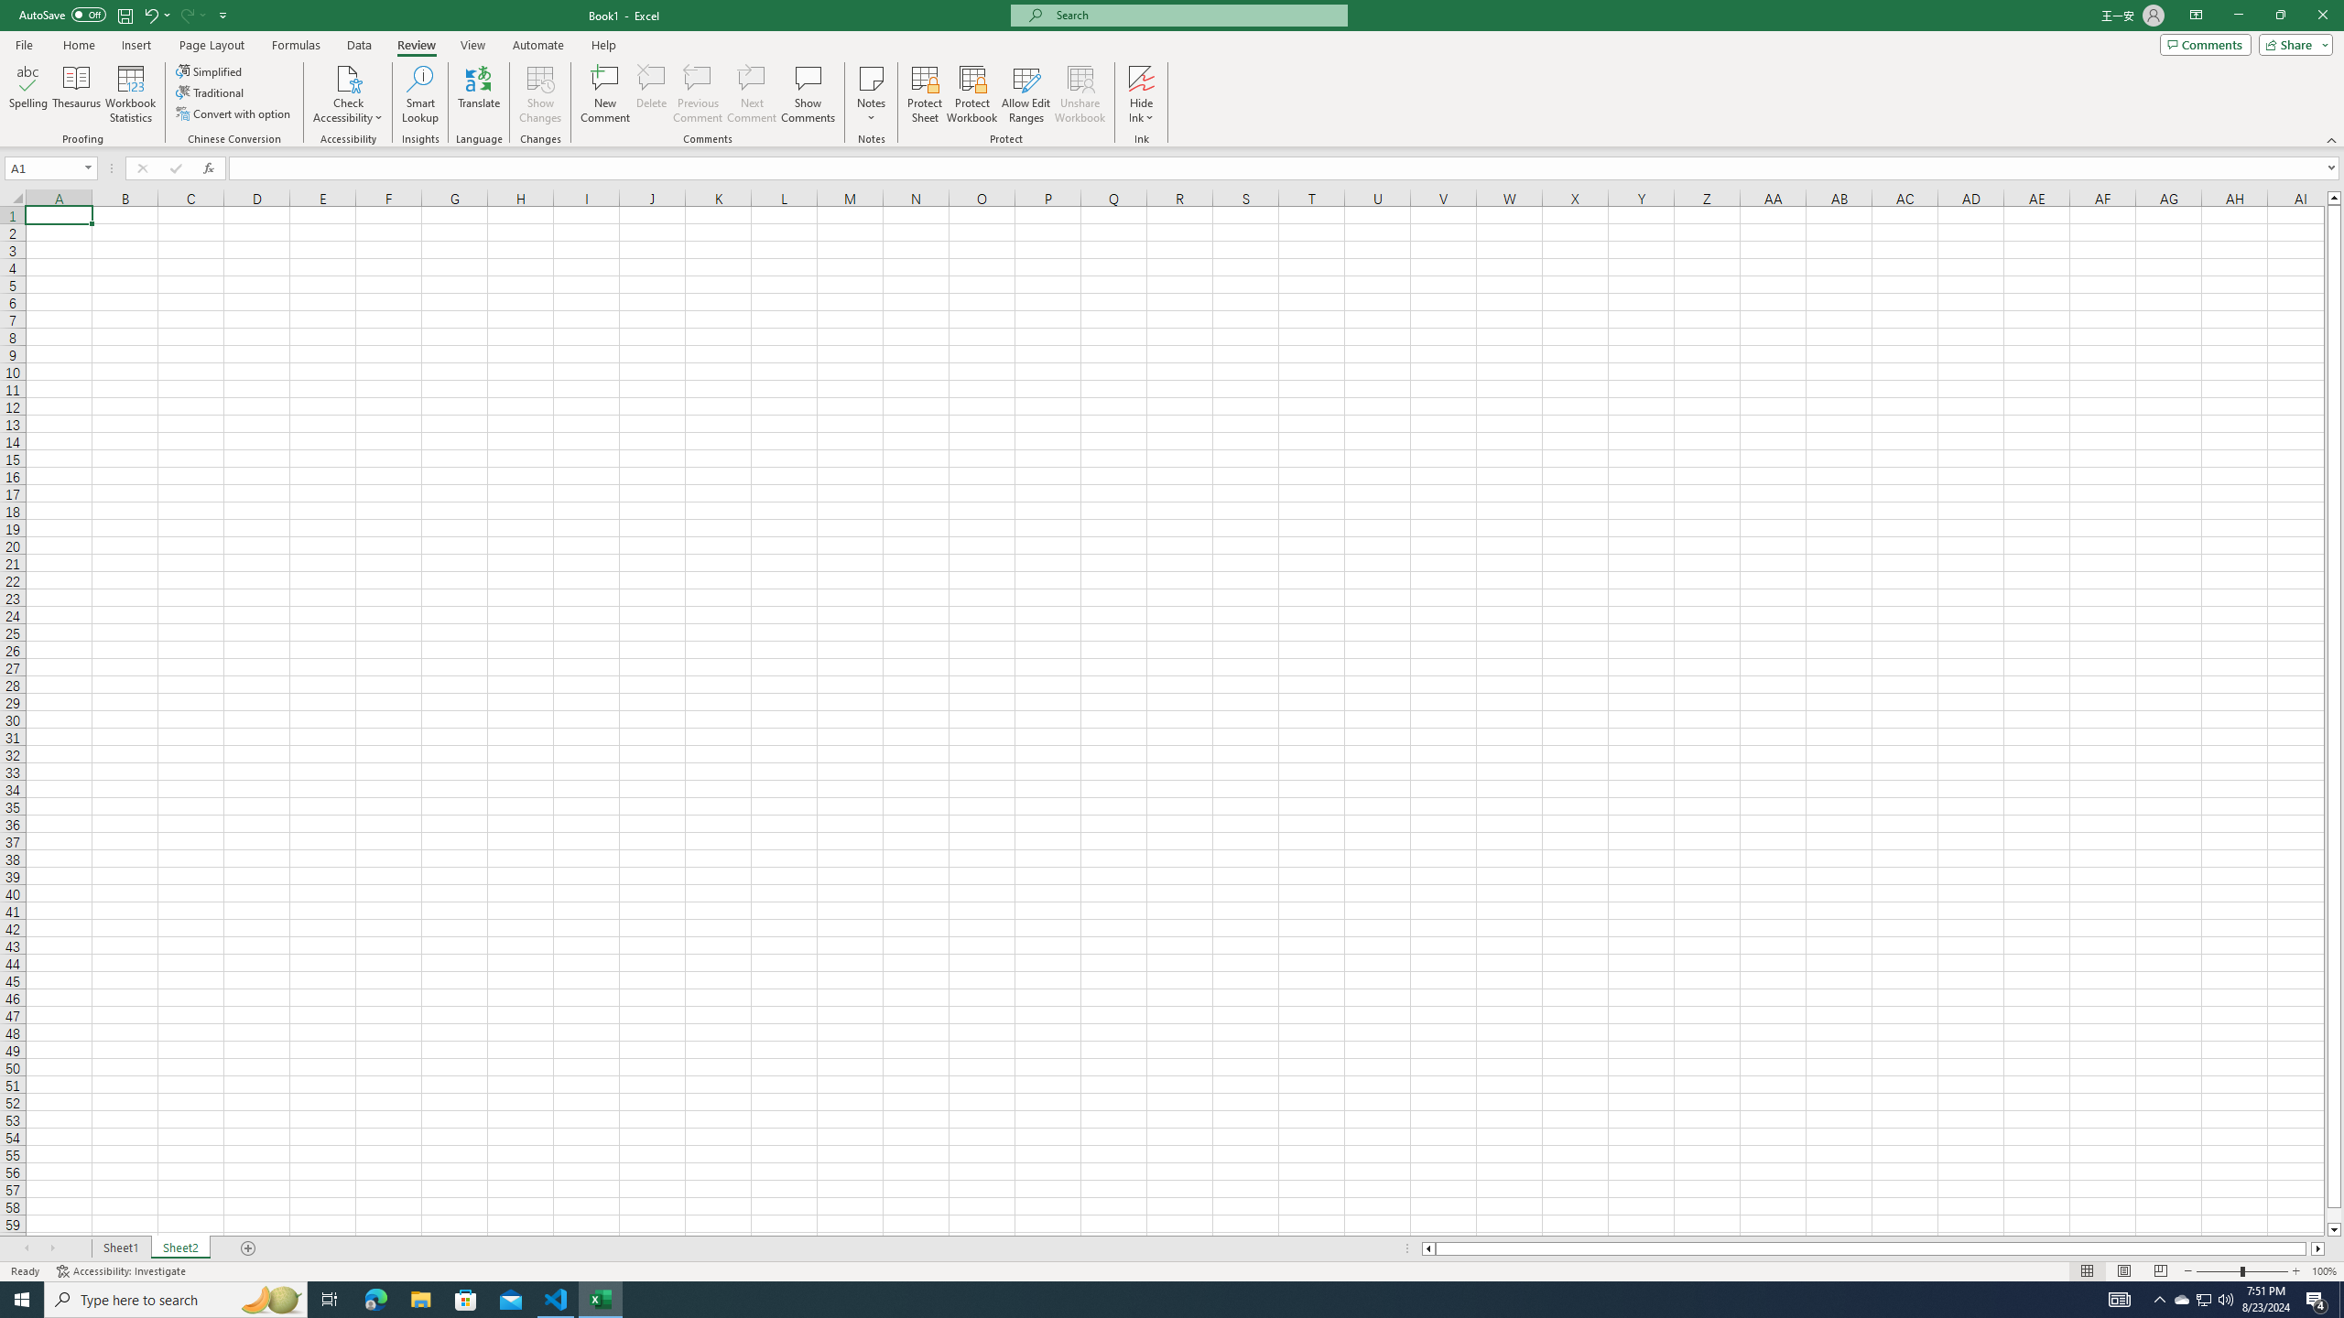 The height and width of the screenshot is (1318, 2344). What do you see at coordinates (234, 112) in the screenshot?
I see `'Convert with option'` at bounding box center [234, 112].